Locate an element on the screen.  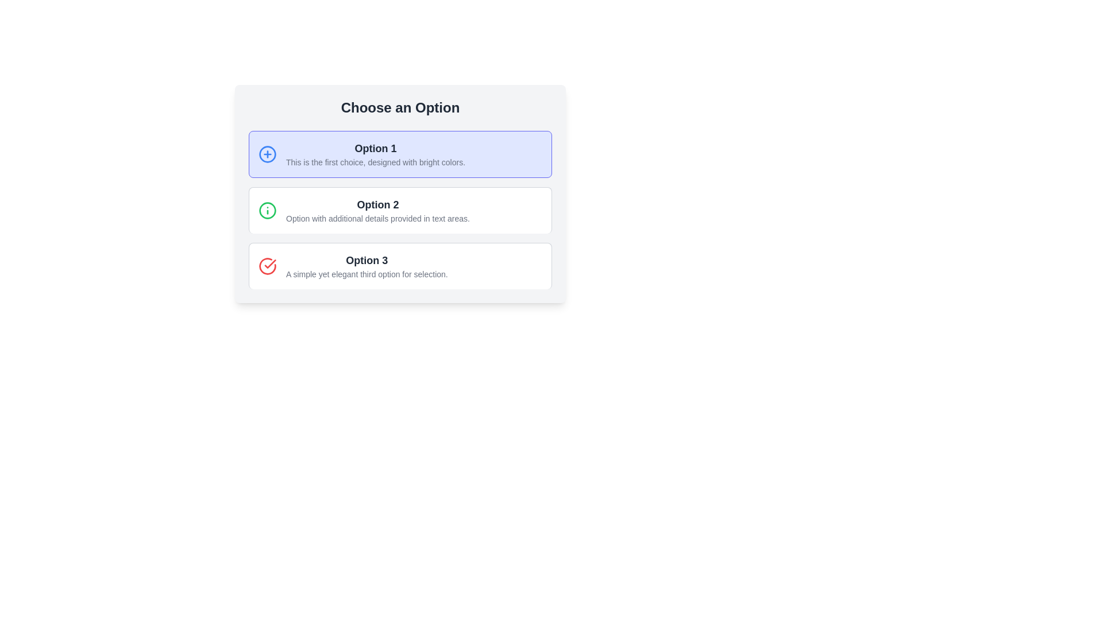
the third option in the vertical list of selectable options, which provides clarity through its title and description is located at coordinates (366, 266).